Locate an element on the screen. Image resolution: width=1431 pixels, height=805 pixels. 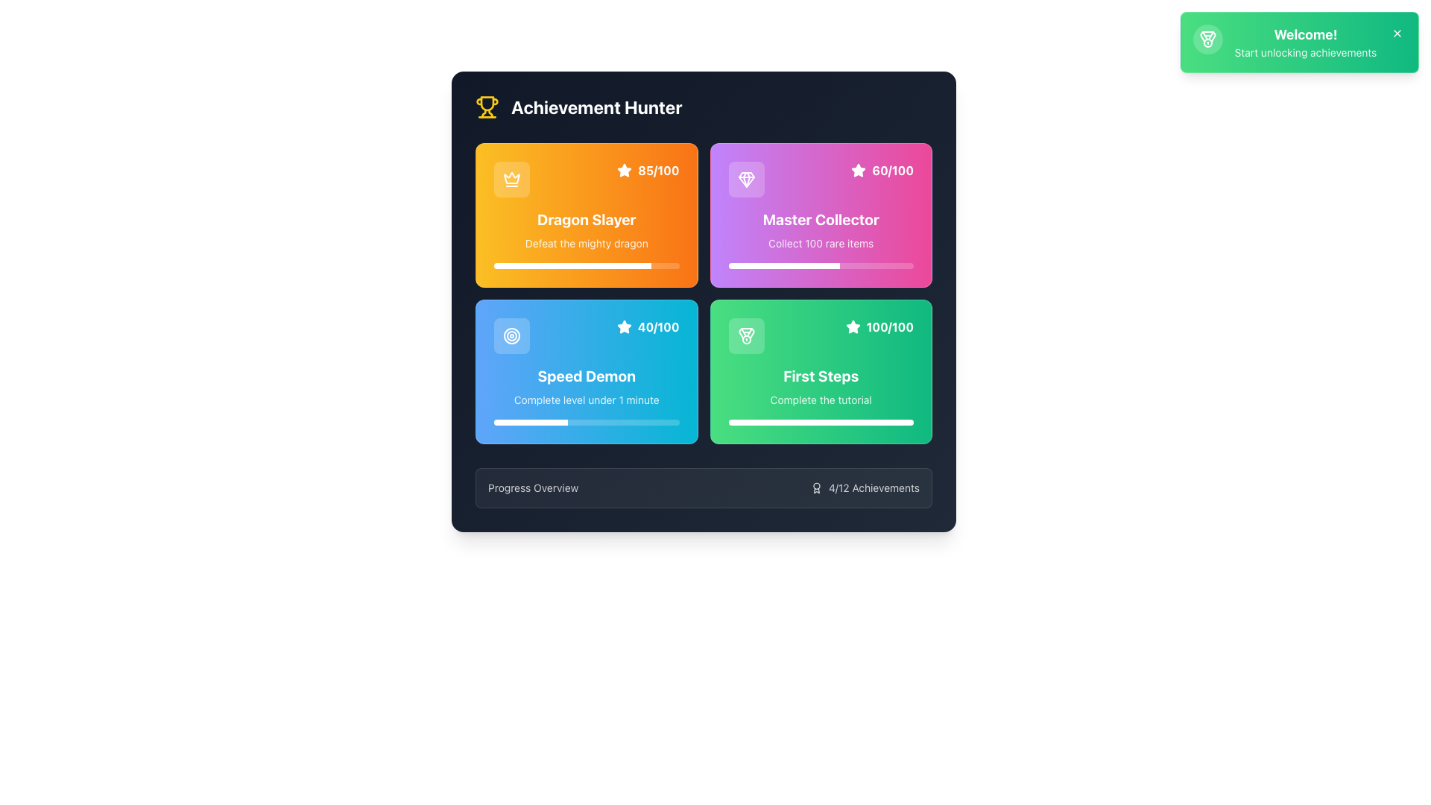
the rating or achievement marker icon located in the top-right area of the 'Master Collector' card is located at coordinates (853, 326).